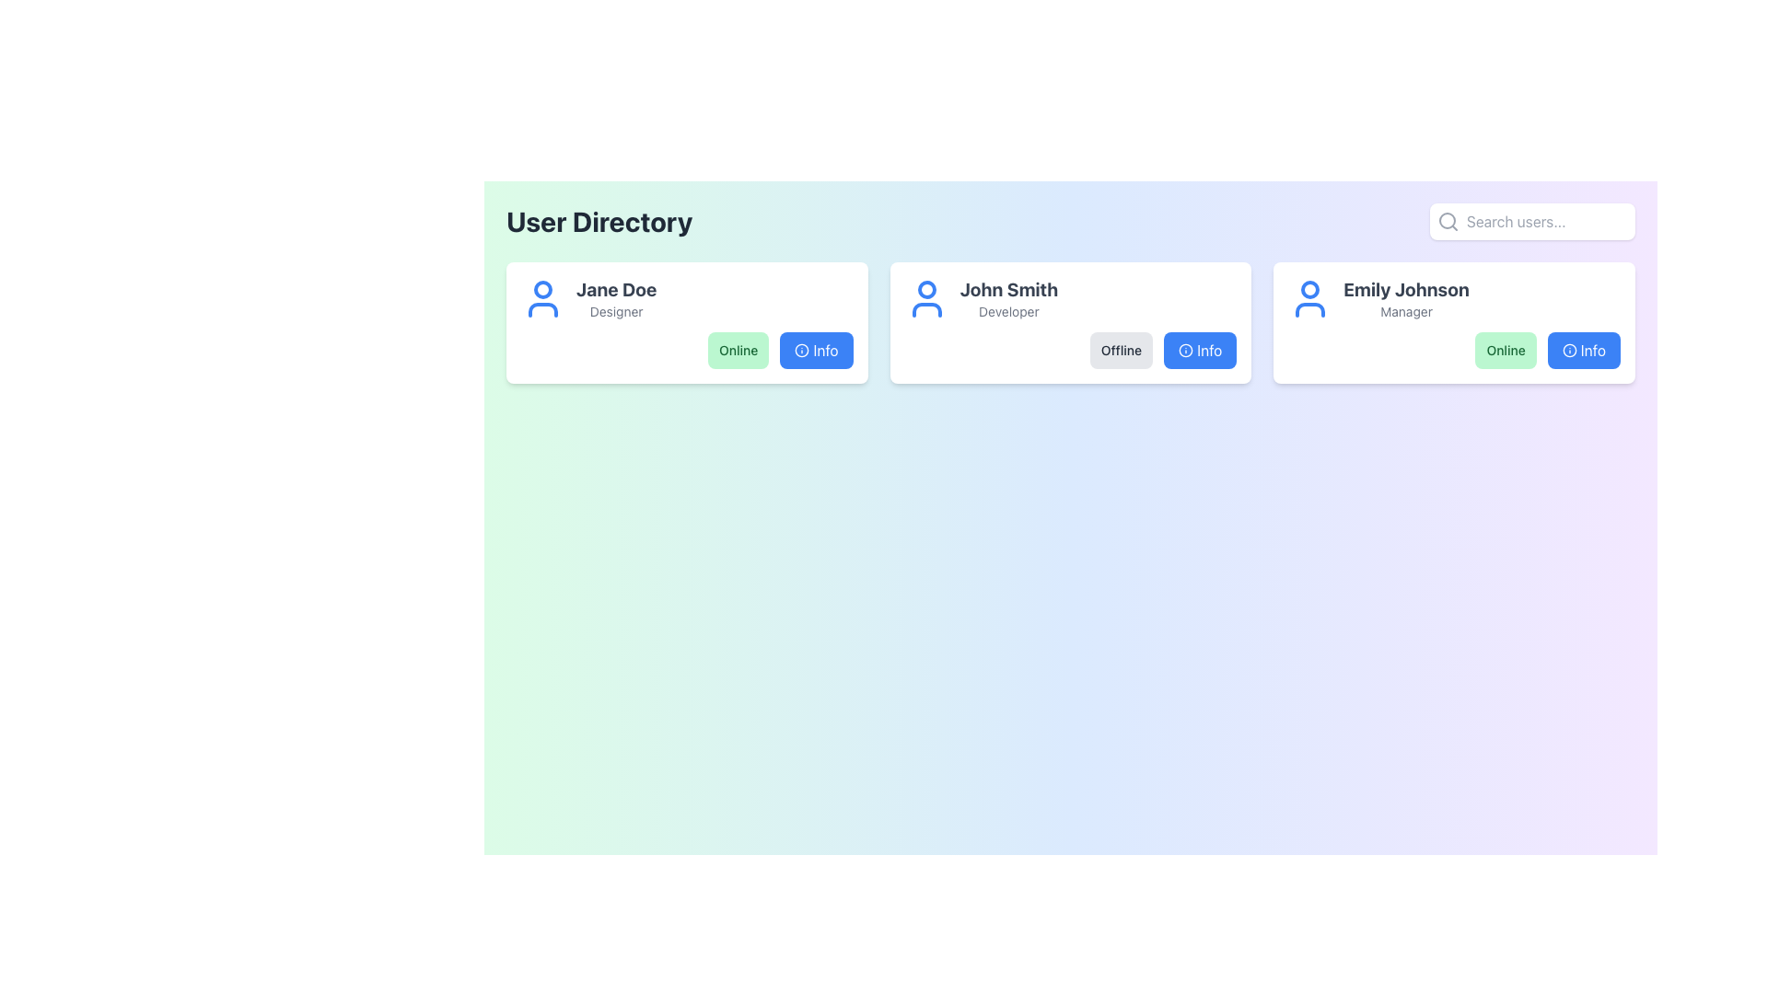 Image resolution: width=1768 pixels, height=994 pixels. Describe the element at coordinates (1309, 290) in the screenshot. I see `the circular icon representing Emily Johnson's avatar located at the top-left of her user card` at that location.